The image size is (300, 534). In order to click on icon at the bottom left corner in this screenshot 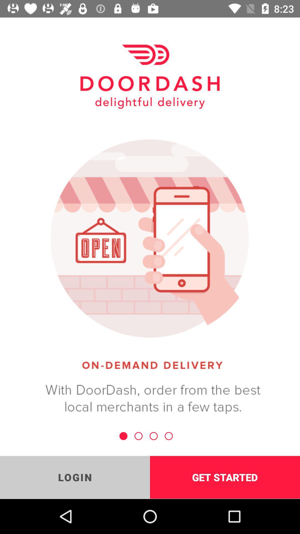, I will do `click(75, 477)`.